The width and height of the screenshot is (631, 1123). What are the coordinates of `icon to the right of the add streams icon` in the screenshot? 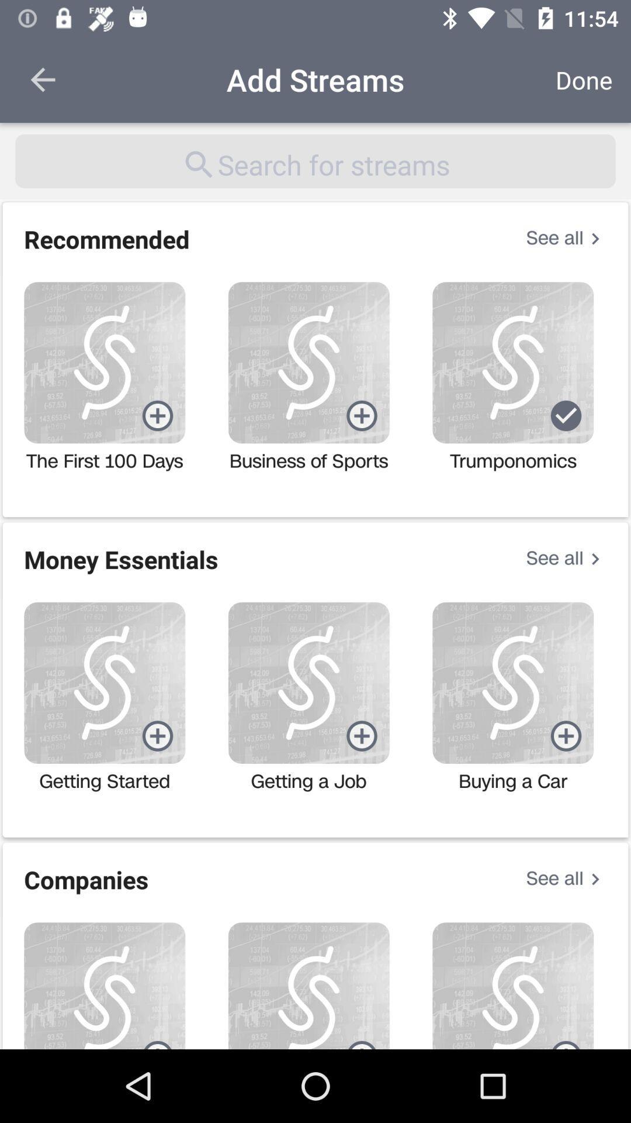 It's located at (584, 79).